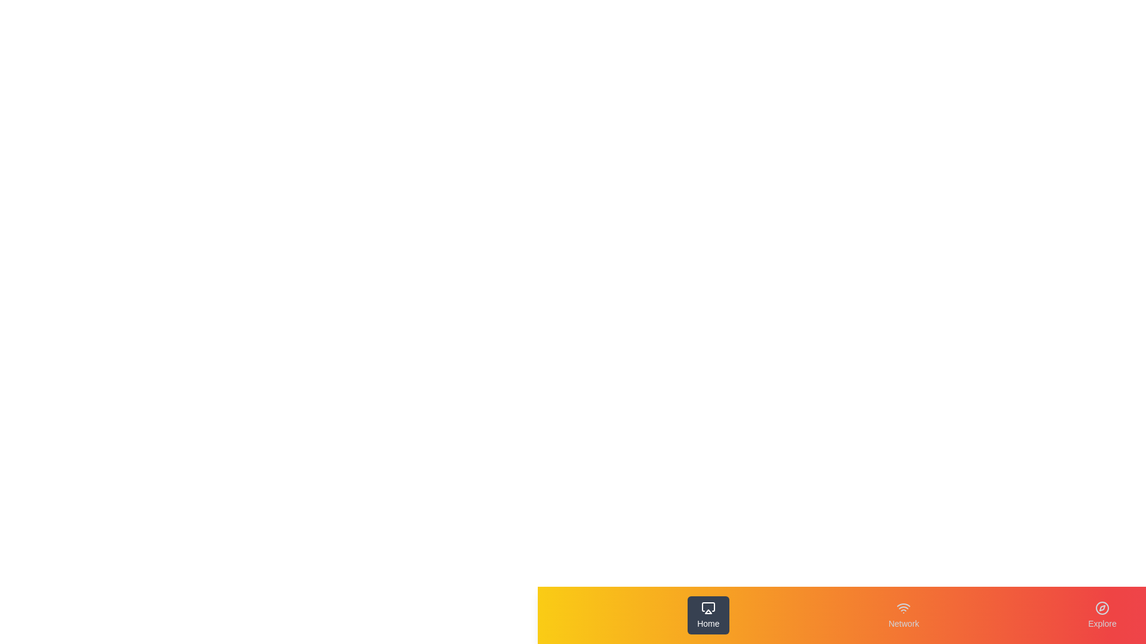 The height and width of the screenshot is (644, 1146). I want to click on the tab button labeled Network to observe the hover effect, so click(904, 615).